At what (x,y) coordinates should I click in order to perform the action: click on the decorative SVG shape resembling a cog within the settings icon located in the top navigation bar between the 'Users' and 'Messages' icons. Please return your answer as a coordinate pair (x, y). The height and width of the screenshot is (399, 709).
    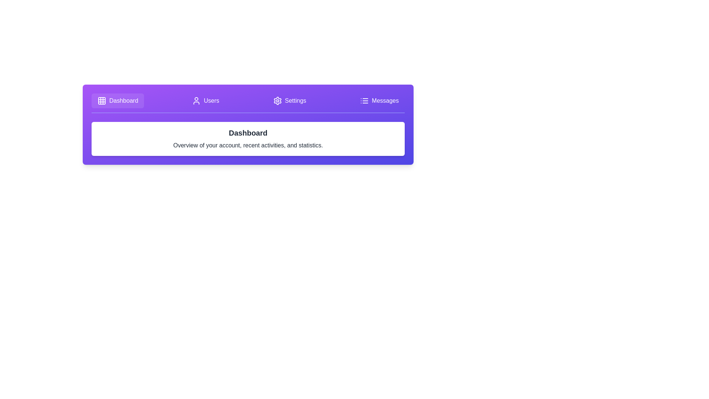
    Looking at the image, I should click on (277, 101).